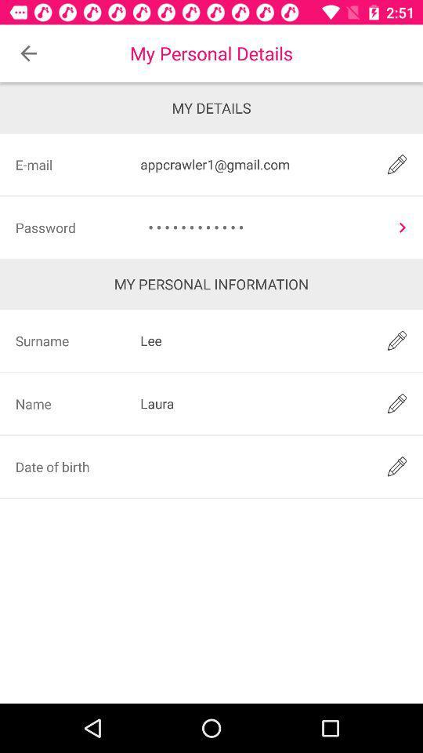 Image resolution: width=423 pixels, height=753 pixels. What do you see at coordinates (402, 227) in the screenshot?
I see `see the password` at bounding box center [402, 227].